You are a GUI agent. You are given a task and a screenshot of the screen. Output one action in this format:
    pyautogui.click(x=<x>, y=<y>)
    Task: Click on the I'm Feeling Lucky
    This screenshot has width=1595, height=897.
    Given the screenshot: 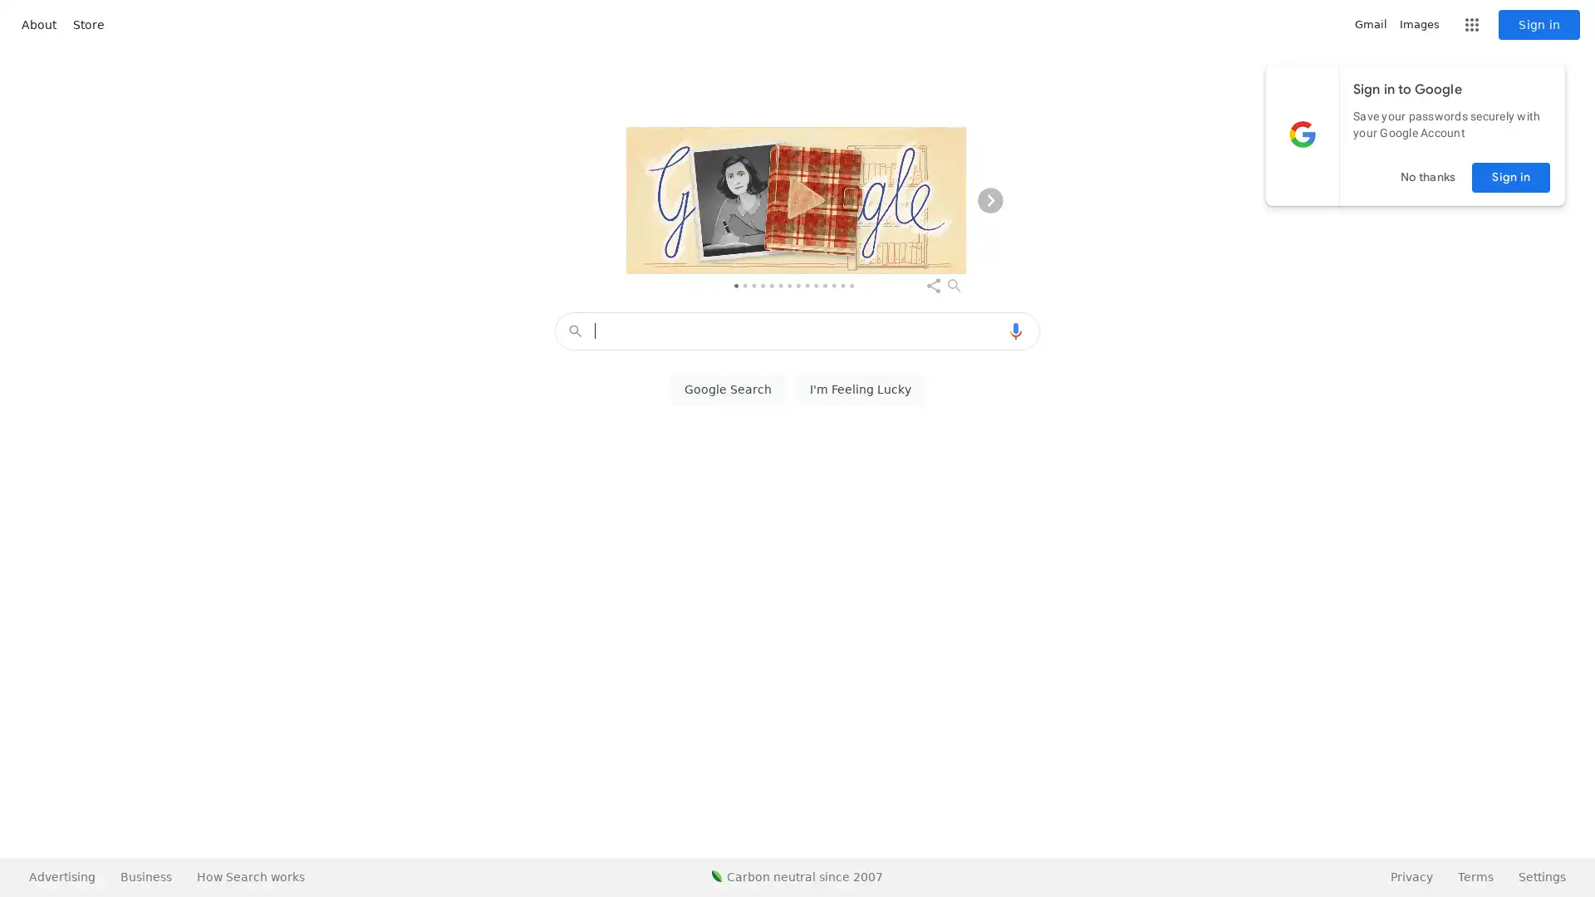 What is the action you would take?
    pyautogui.click(x=860, y=390)
    